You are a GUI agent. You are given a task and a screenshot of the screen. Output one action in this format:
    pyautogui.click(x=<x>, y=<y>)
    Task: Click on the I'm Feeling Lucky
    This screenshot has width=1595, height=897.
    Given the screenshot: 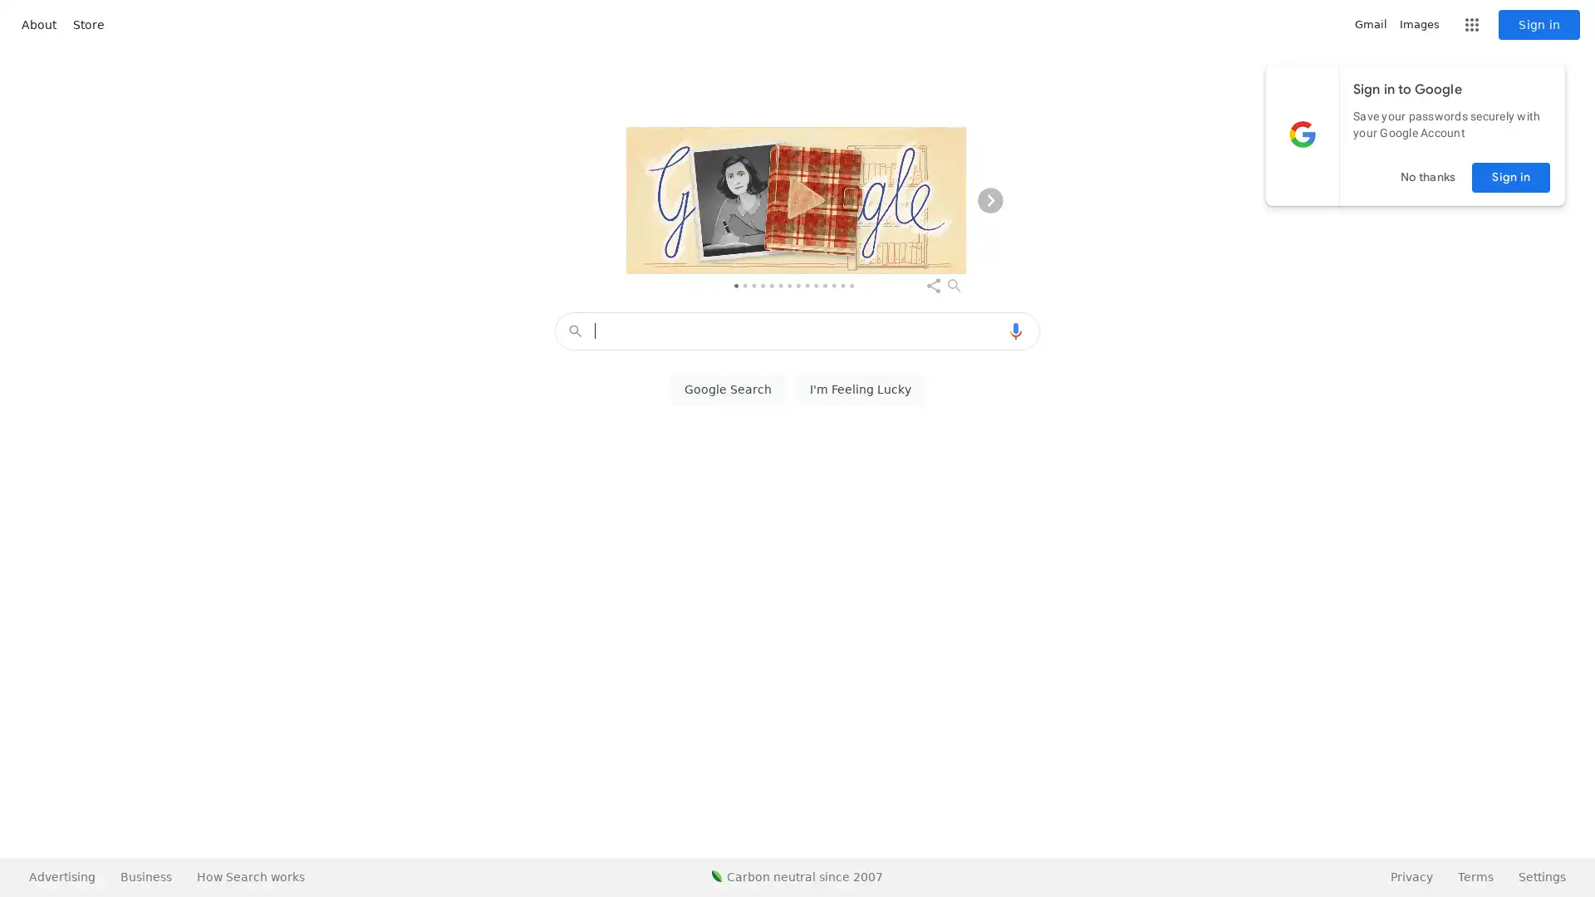 What is the action you would take?
    pyautogui.click(x=860, y=390)
    